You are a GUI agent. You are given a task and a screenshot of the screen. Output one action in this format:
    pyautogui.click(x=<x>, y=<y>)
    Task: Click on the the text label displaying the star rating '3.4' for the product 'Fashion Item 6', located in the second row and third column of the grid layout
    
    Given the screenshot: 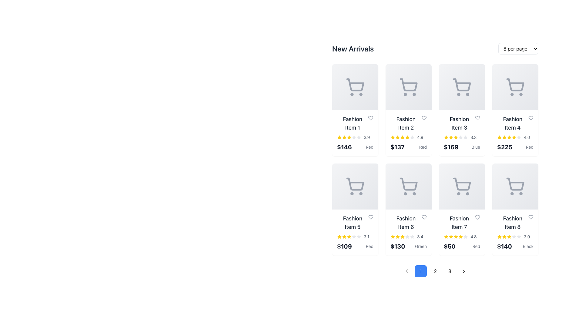 What is the action you would take?
    pyautogui.click(x=420, y=236)
    